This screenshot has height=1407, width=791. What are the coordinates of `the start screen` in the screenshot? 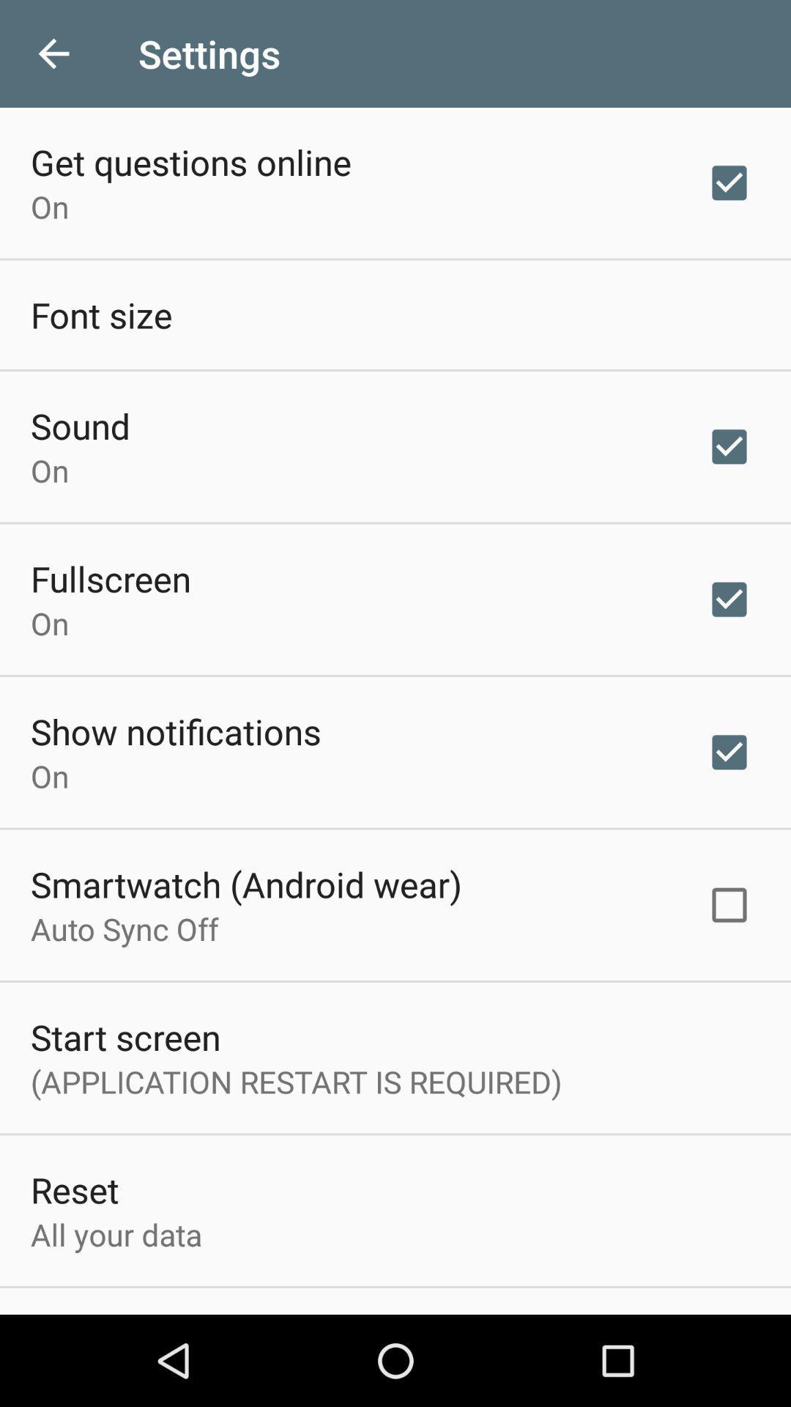 It's located at (125, 1036).